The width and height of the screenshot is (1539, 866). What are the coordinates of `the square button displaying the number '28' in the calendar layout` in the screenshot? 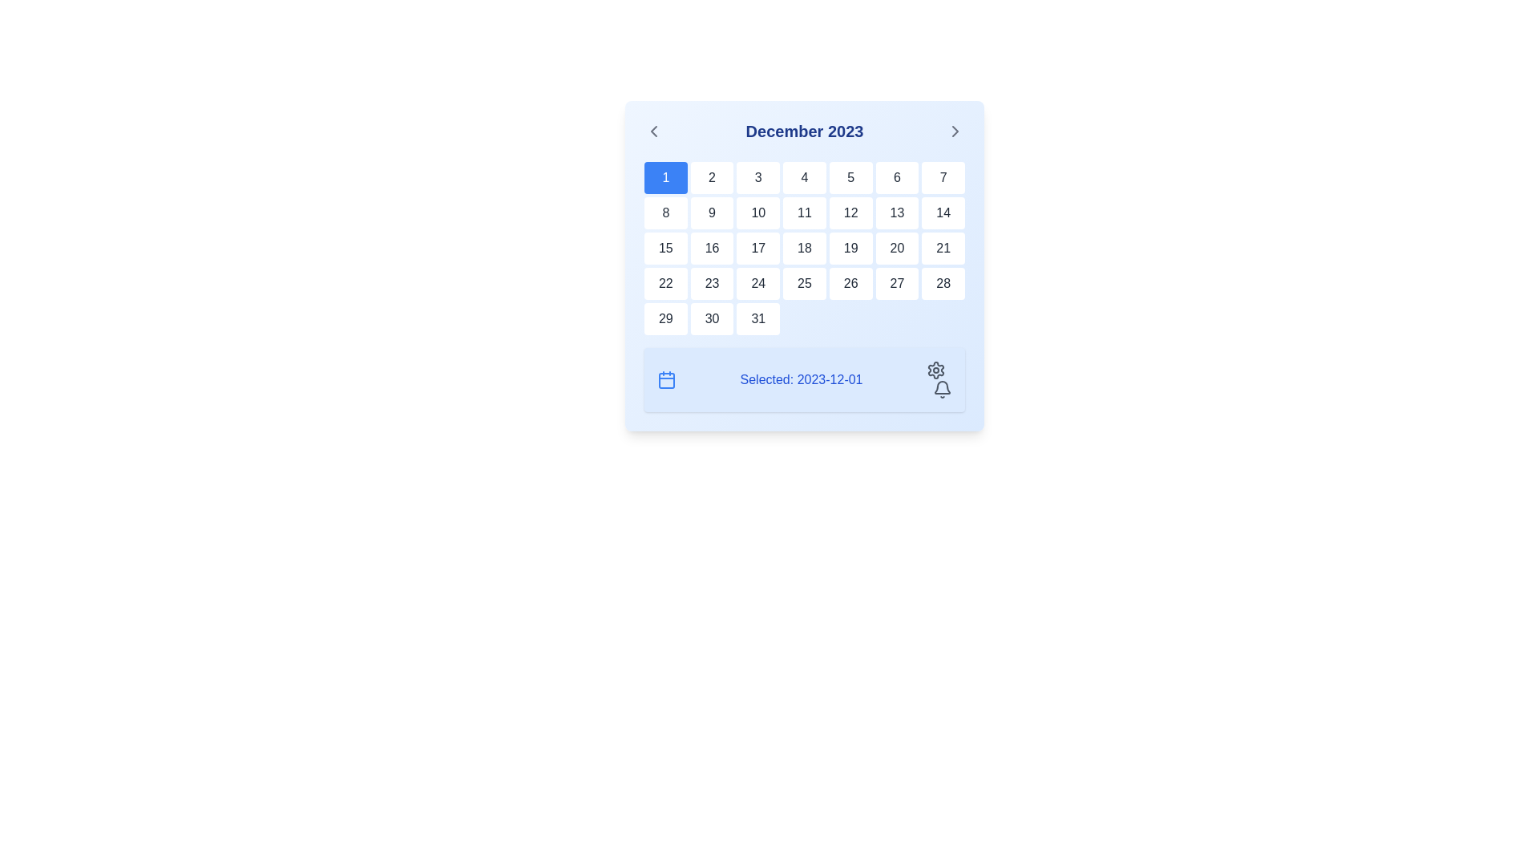 It's located at (943, 283).